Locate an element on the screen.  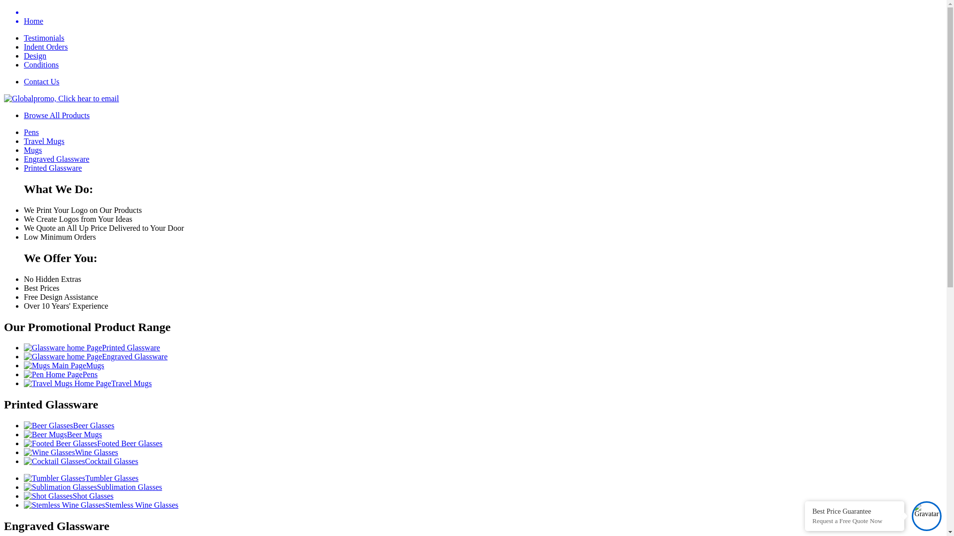
'Contact Us' is located at coordinates (41, 81).